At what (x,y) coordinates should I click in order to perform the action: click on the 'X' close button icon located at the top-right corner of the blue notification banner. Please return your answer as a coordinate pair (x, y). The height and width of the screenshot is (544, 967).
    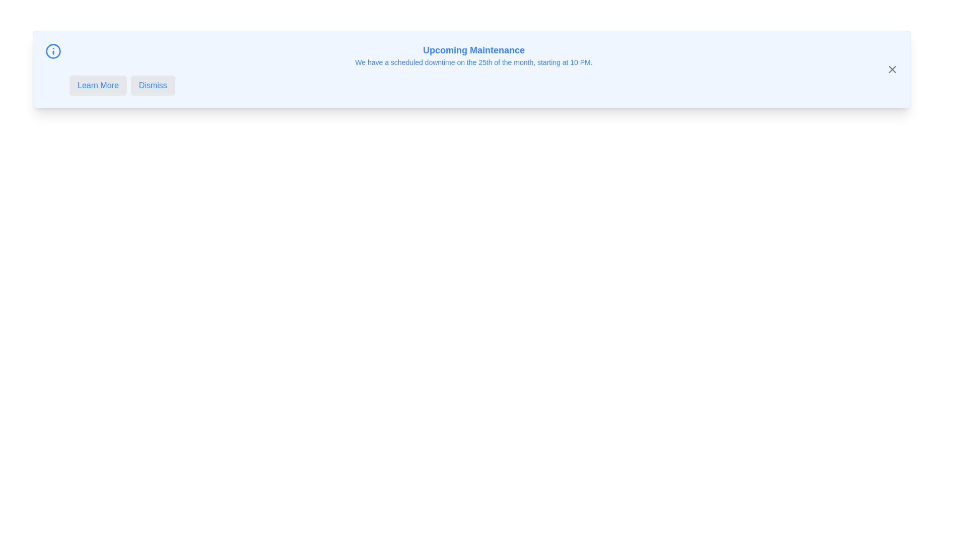
    Looking at the image, I should click on (892, 69).